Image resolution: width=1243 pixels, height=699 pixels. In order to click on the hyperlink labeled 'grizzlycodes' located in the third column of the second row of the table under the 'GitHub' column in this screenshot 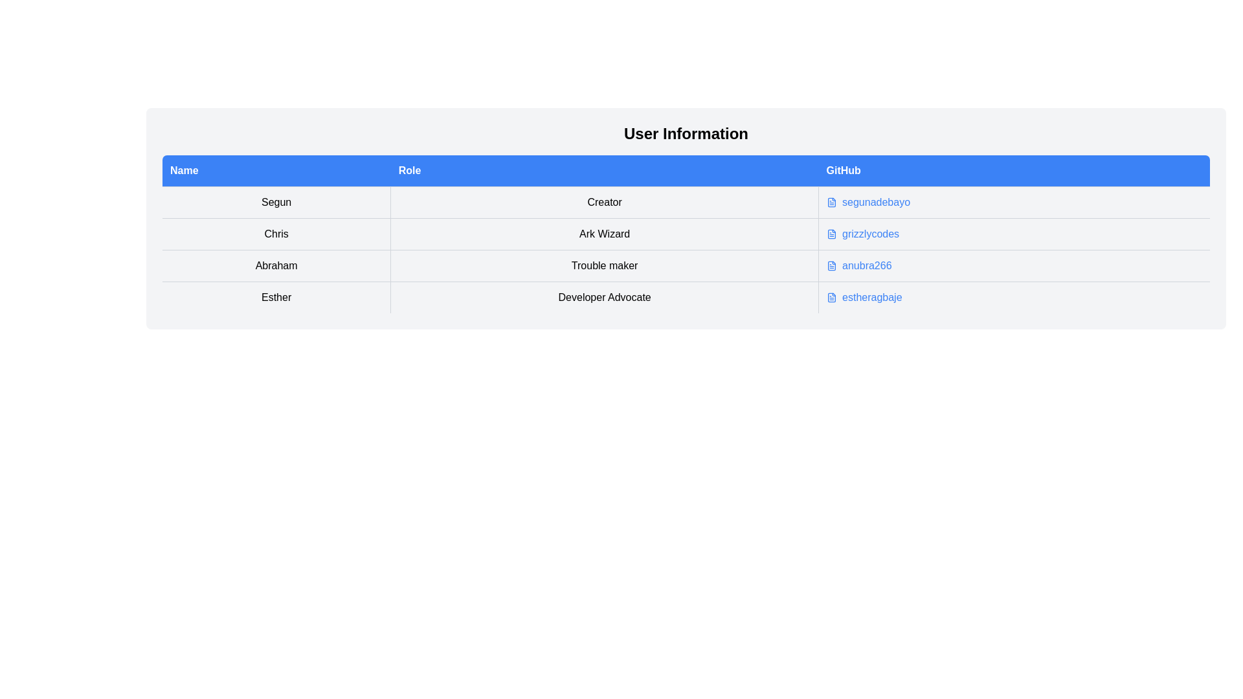, I will do `click(1014, 234)`.